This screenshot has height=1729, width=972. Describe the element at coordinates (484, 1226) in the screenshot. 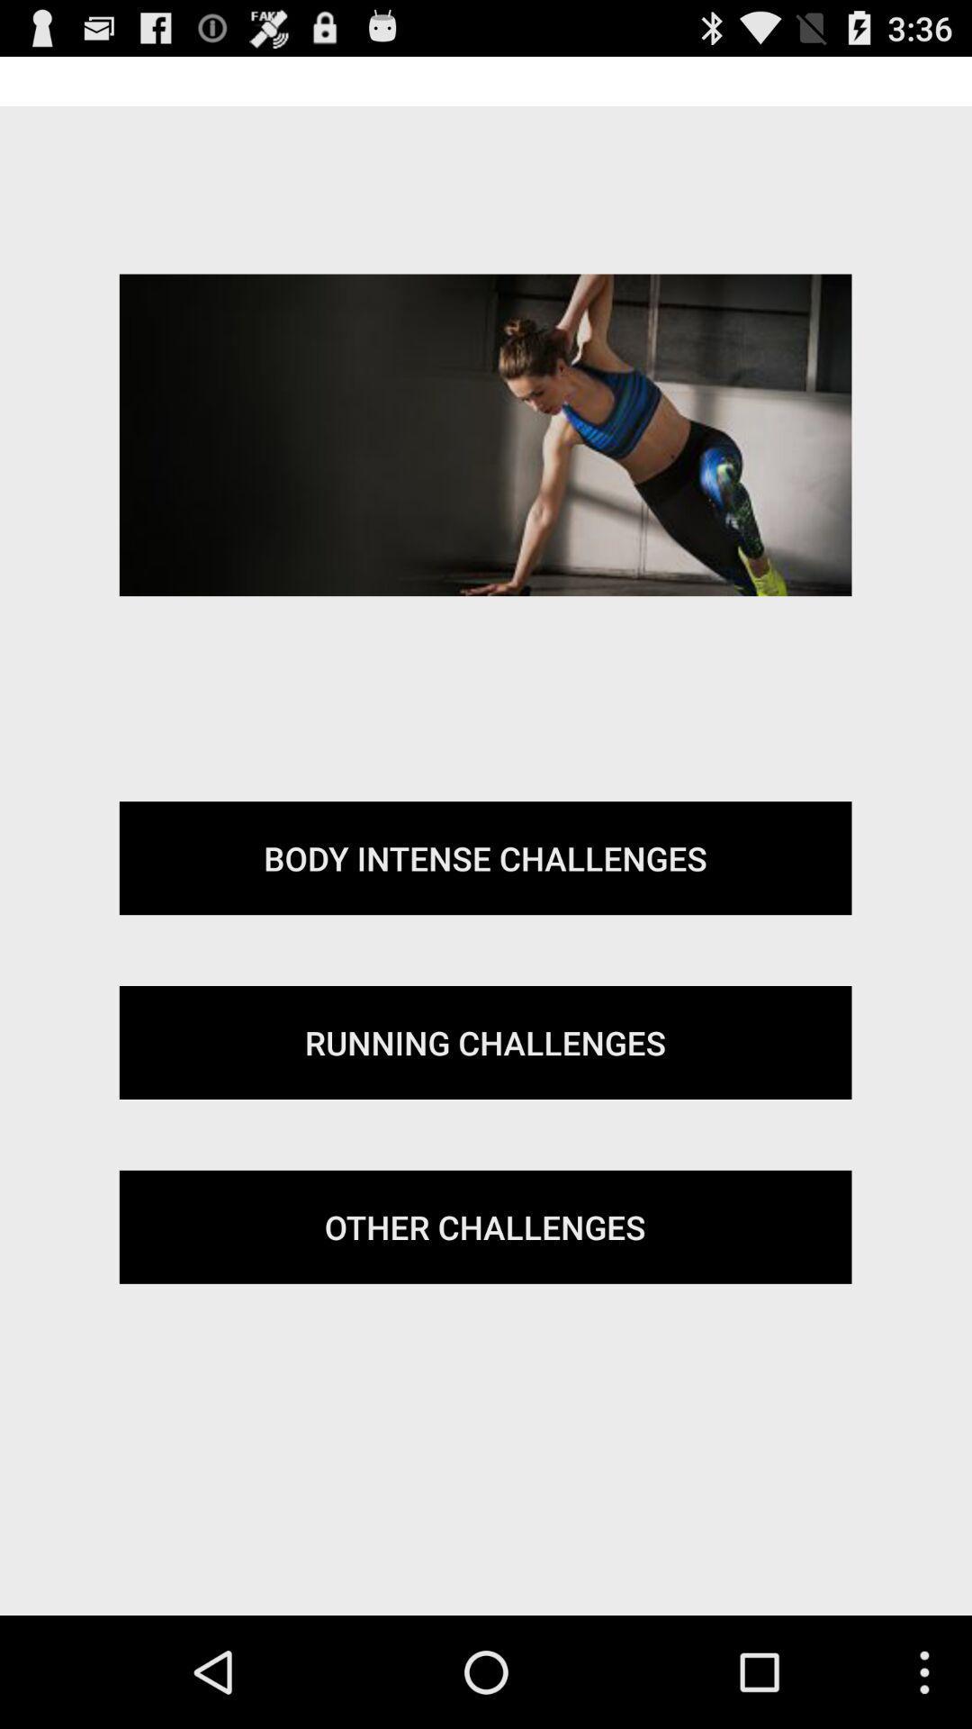

I see `other challenges icon` at that location.